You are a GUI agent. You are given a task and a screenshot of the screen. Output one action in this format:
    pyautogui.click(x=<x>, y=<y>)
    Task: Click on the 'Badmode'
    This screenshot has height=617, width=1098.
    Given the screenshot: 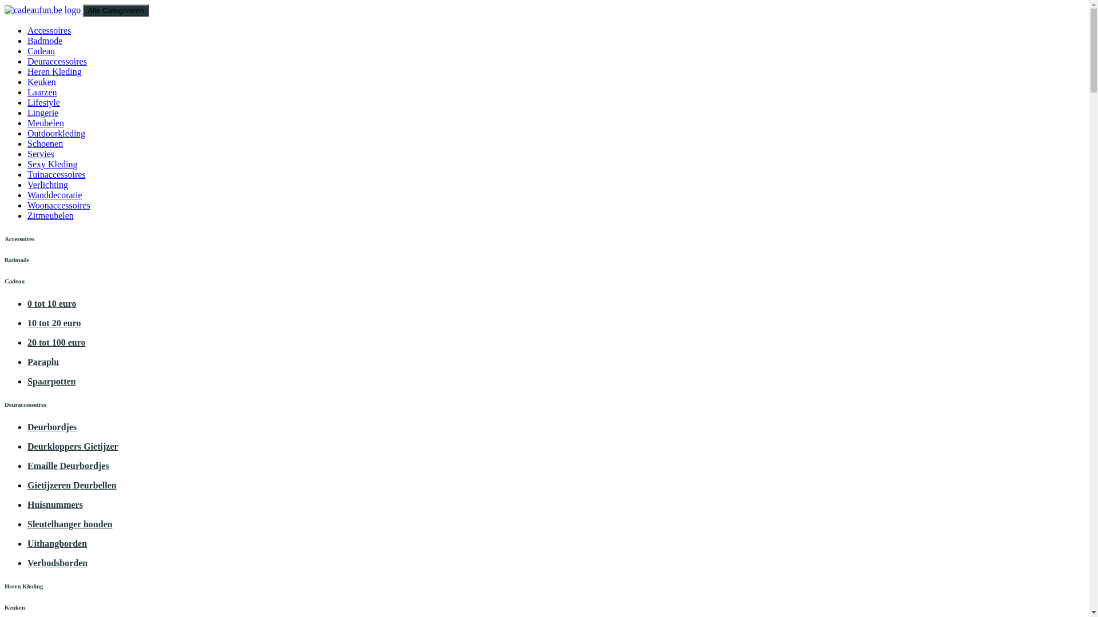 What is the action you would take?
    pyautogui.click(x=45, y=40)
    